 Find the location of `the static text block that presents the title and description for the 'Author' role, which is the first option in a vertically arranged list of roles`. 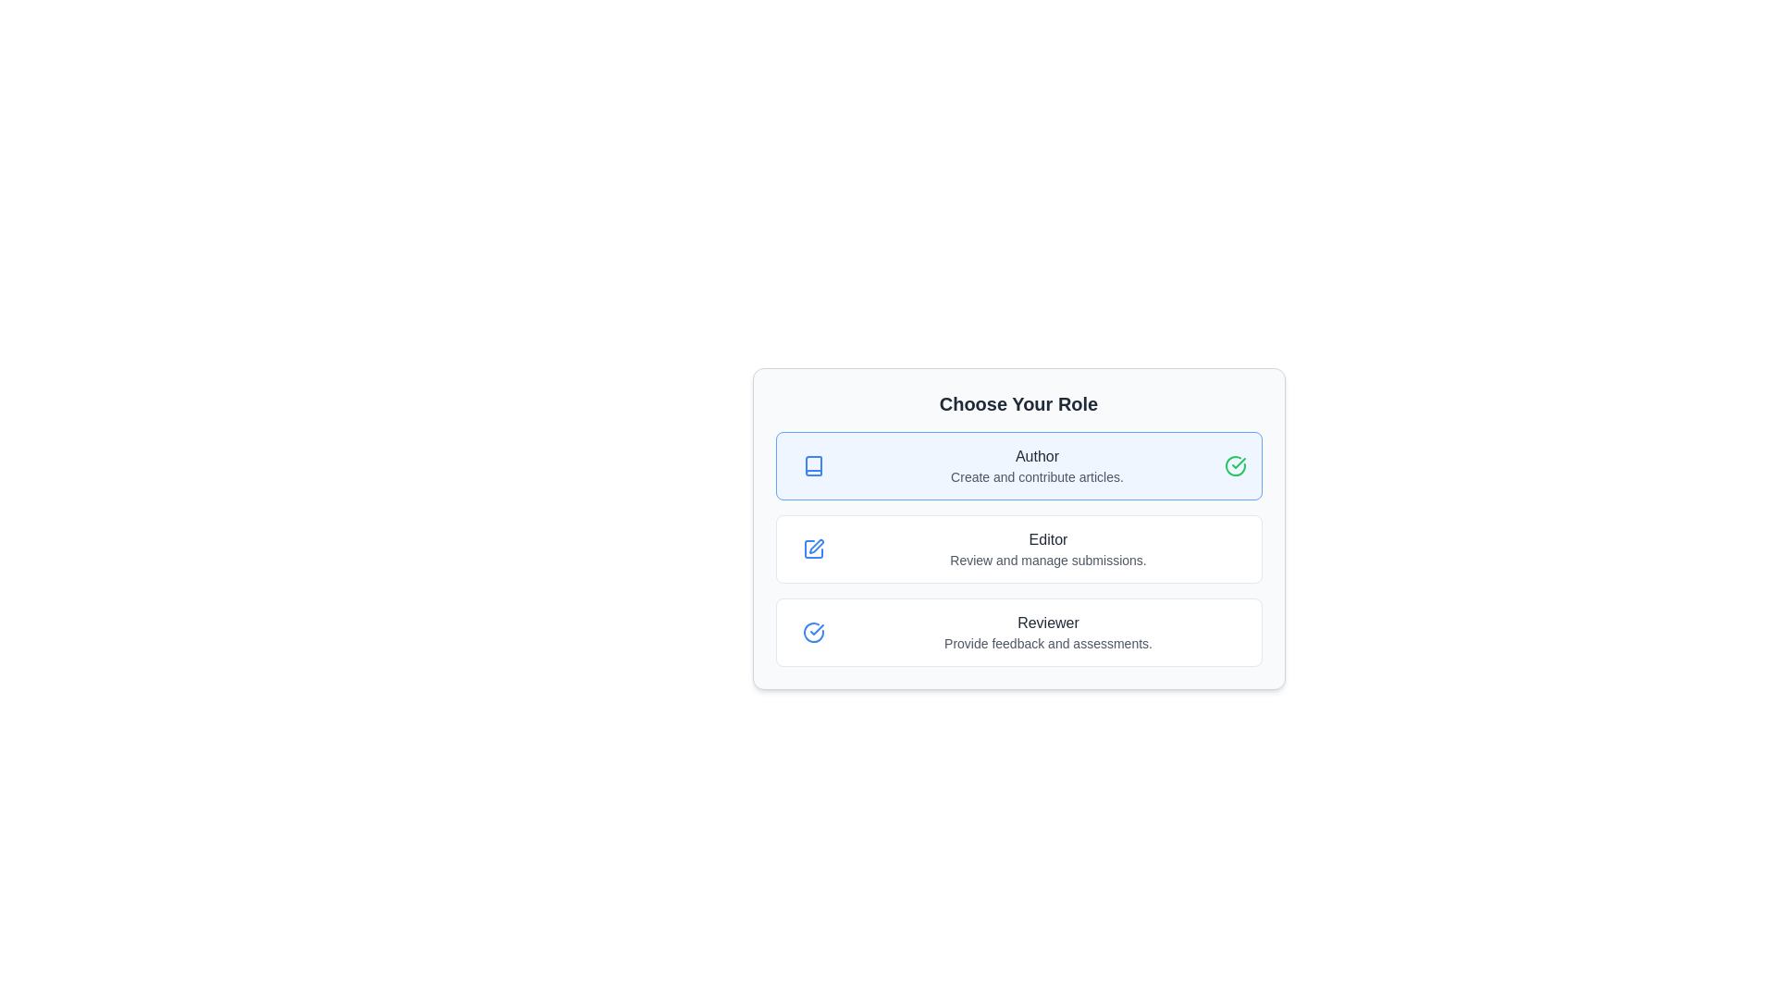

the static text block that presents the title and description for the 'Author' role, which is the first option in a vertically arranged list of roles is located at coordinates (1037, 465).